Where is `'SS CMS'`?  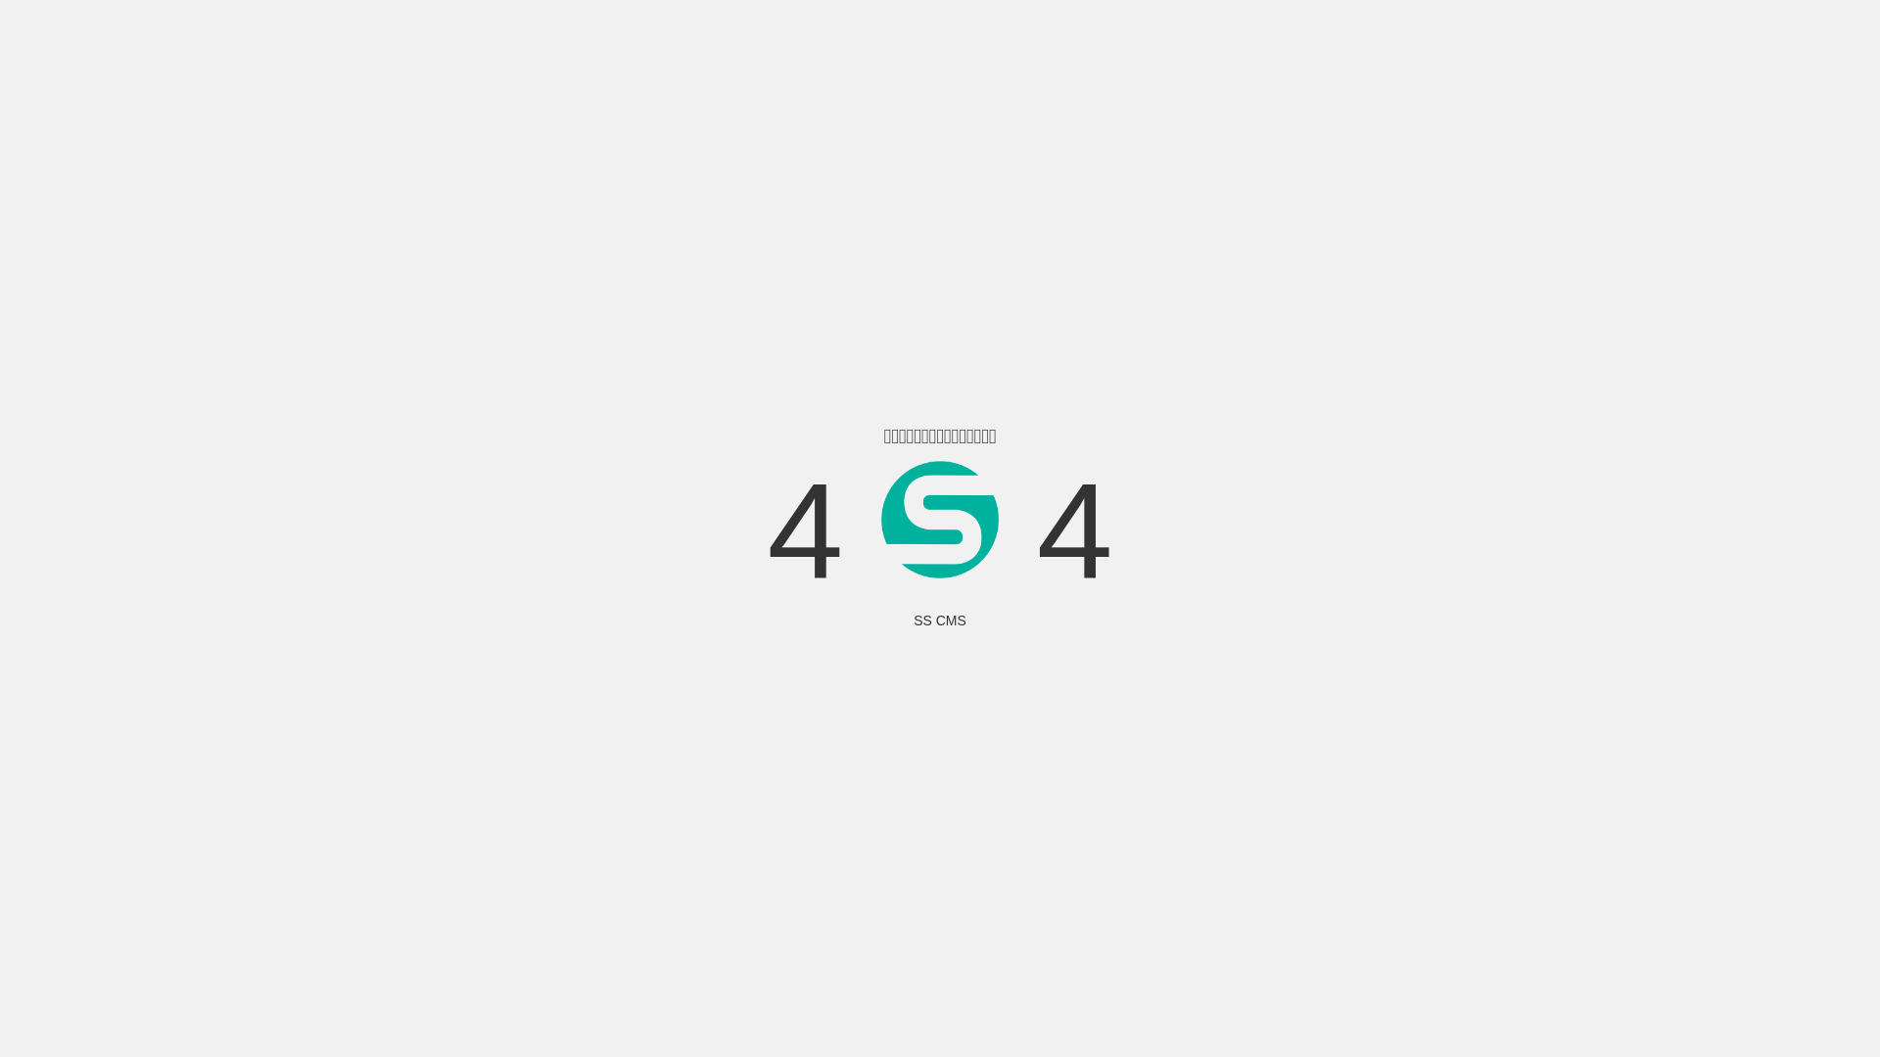 'SS CMS' is located at coordinates (940, 620).